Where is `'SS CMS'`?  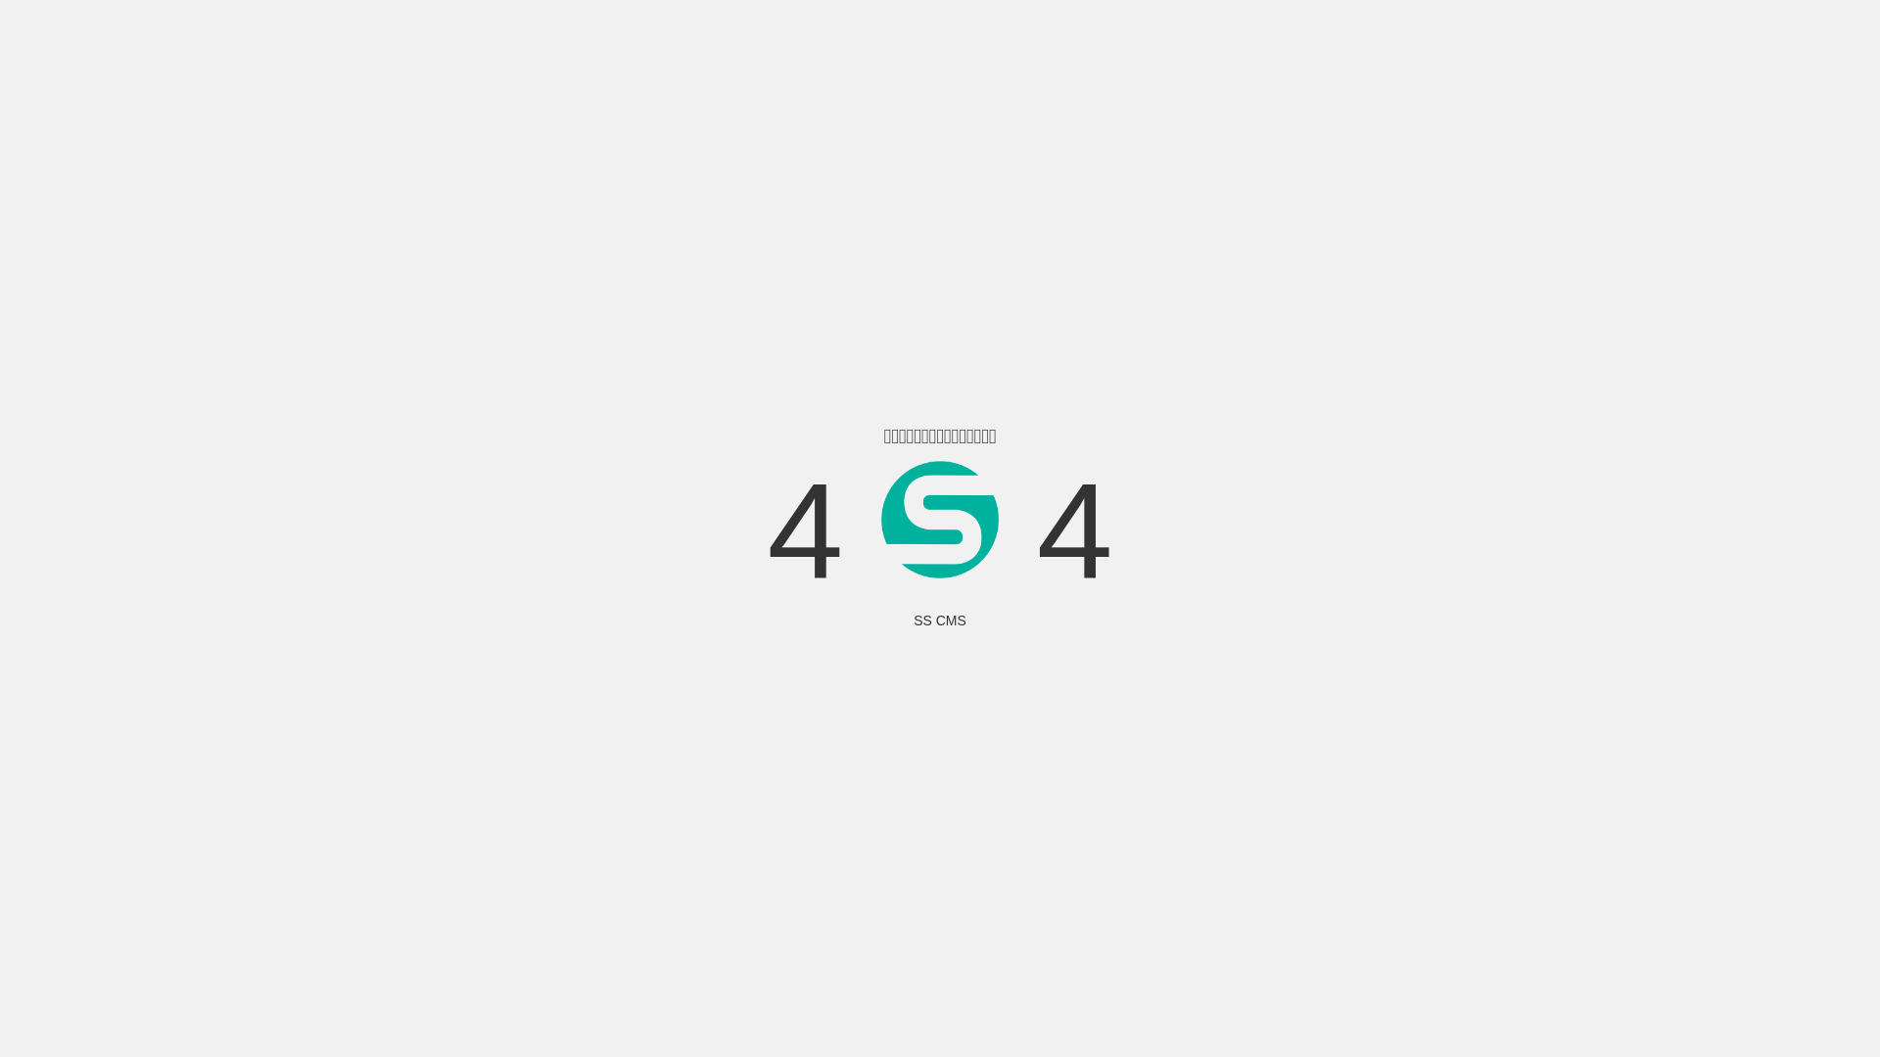 'SS CMS' is located at coordinates (940, 620).